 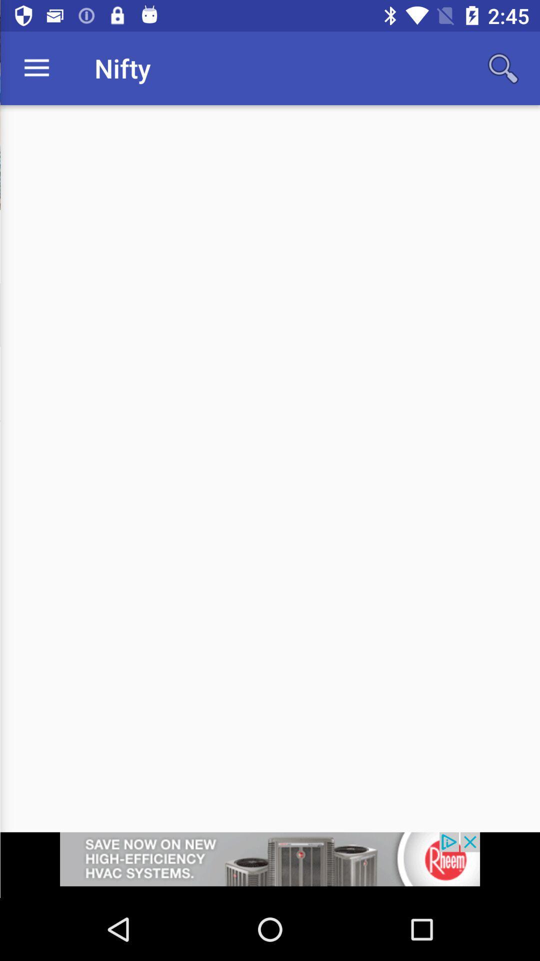 I want to click on advertising, so click(x=270, y=864).